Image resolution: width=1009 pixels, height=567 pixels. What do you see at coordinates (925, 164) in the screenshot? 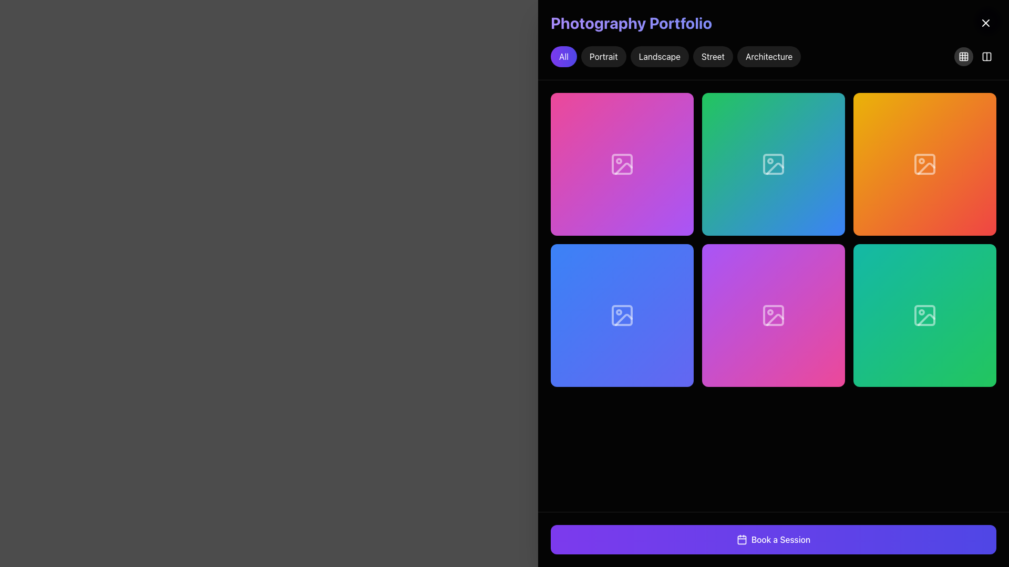
I see `the second icon in the third row of the photo gallery, which is located beneath the 'Photography Portfolio' header` at bounding box center [925, 164].